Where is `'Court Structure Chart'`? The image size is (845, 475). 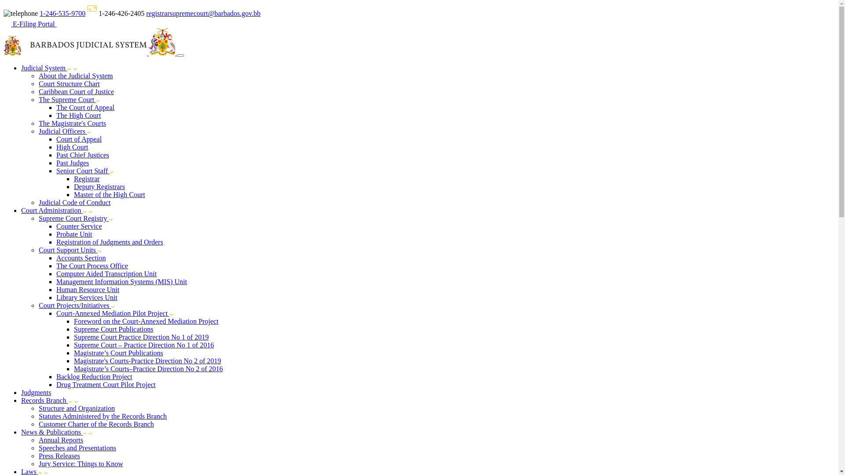
'Court Structure Chart' is located at coordinates (69, 84).